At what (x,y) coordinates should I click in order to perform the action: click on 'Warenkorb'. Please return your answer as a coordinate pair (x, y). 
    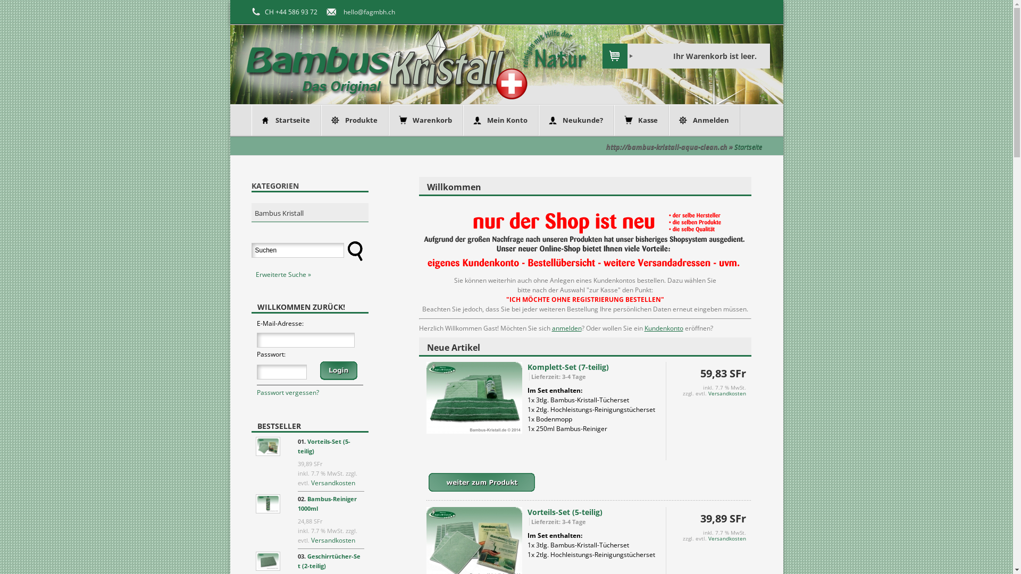
    Looking at the image, I should click on (432, 120).